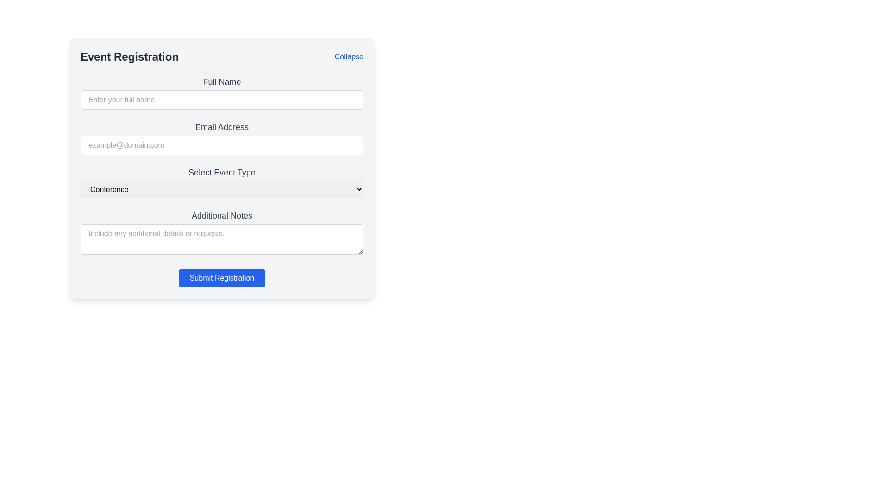 The height and width of the screenshot is (500, 889). What do you see at coordinates (221, 81) in the screenshot?
I see `the 'Full Name' text label, which is a larger gray text prompt at the top of the form, indicating the input field below` at bounding box center [221, 81].